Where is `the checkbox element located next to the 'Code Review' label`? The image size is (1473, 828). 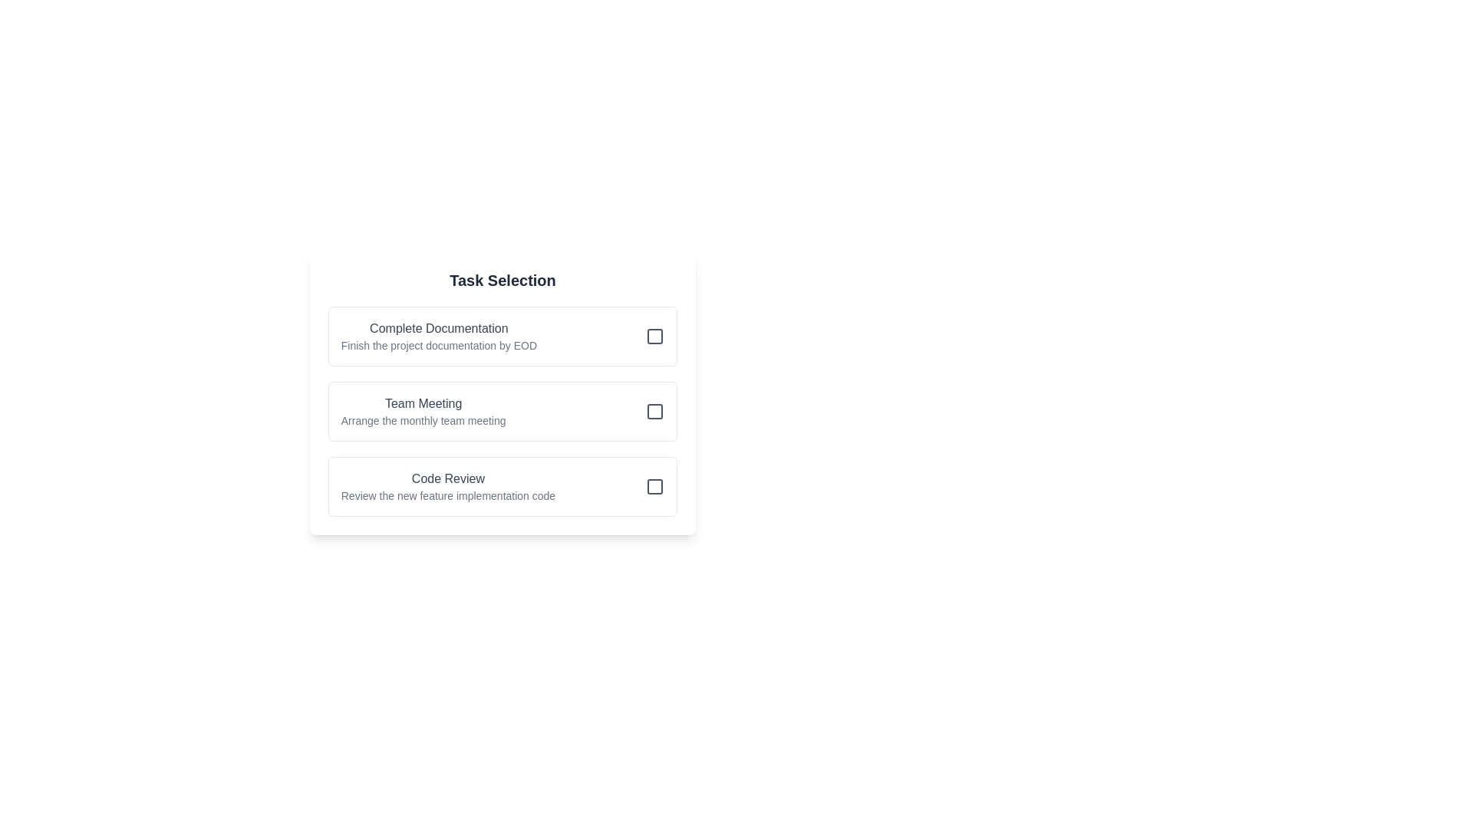 the checkbox element located next to the 'Code Review' label is located at coordinates (655, 487).